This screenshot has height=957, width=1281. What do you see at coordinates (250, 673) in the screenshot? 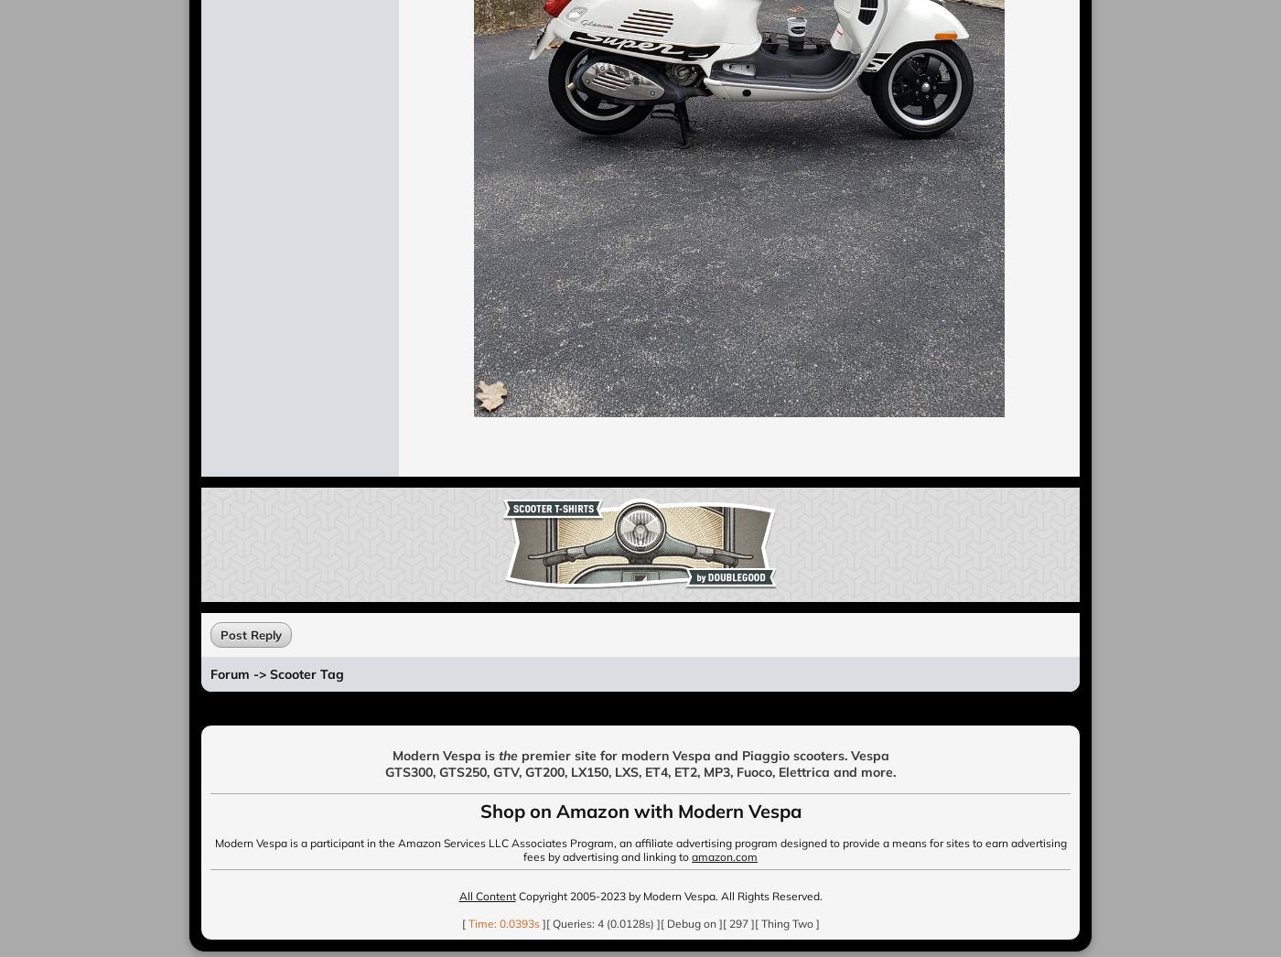
I see `'->'` at bounding box center [250, 673].